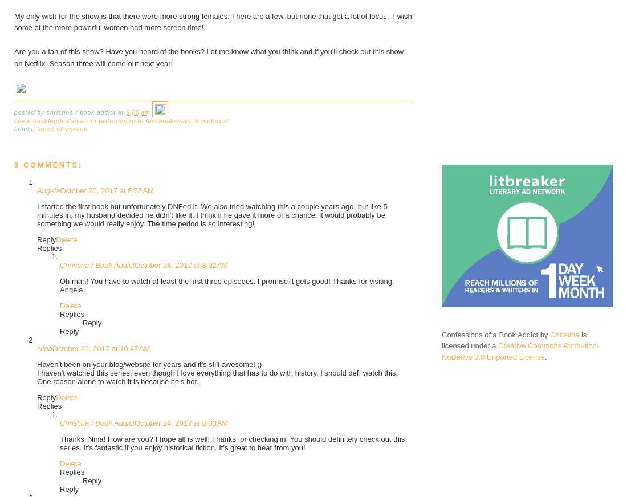 The image size is (627, 497). I want to click on 'Latest Obsession', so click(62, 128).